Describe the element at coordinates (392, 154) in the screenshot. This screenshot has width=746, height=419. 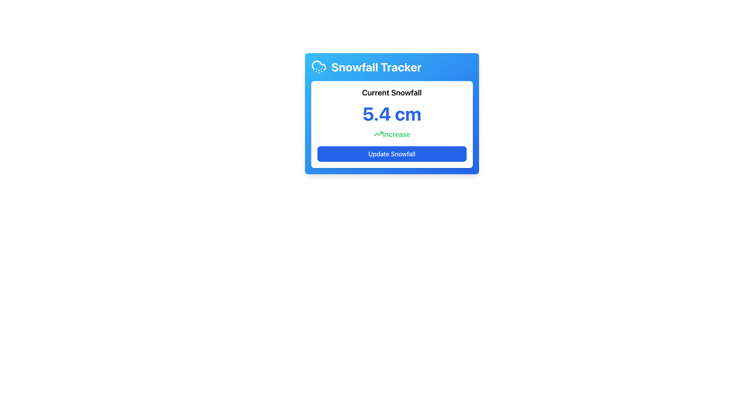
I see `the button with blue background and white text labeled 'Update Snowfall'` at that location.